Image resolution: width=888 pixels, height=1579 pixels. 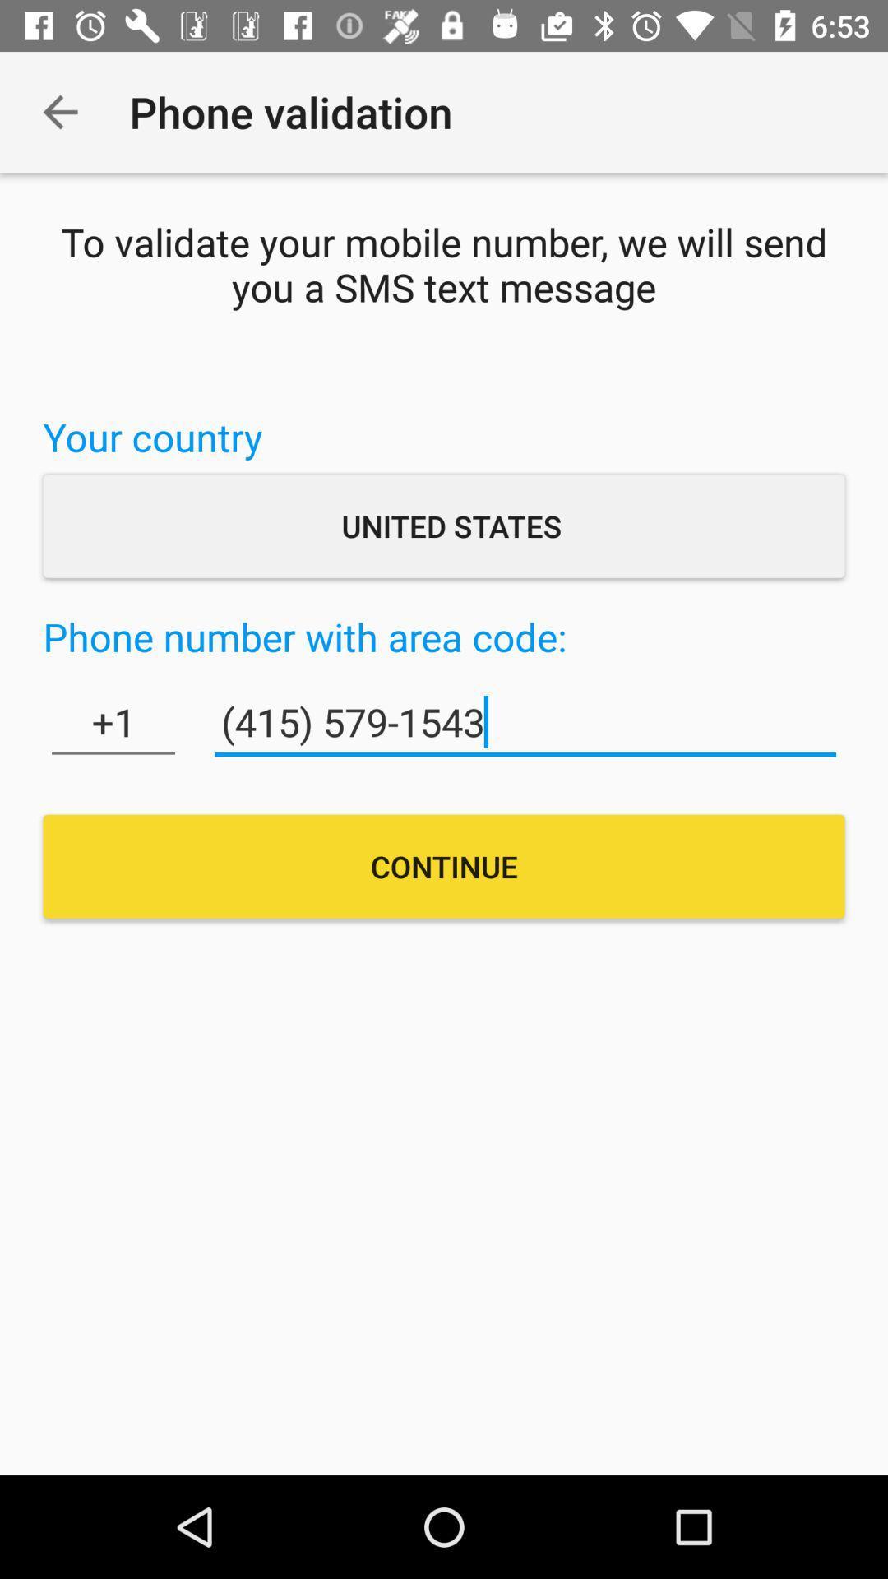 What do you see at coordinates (444, 525) in the screenshot?
I see `the united states item` at bounding box center [444, 525].